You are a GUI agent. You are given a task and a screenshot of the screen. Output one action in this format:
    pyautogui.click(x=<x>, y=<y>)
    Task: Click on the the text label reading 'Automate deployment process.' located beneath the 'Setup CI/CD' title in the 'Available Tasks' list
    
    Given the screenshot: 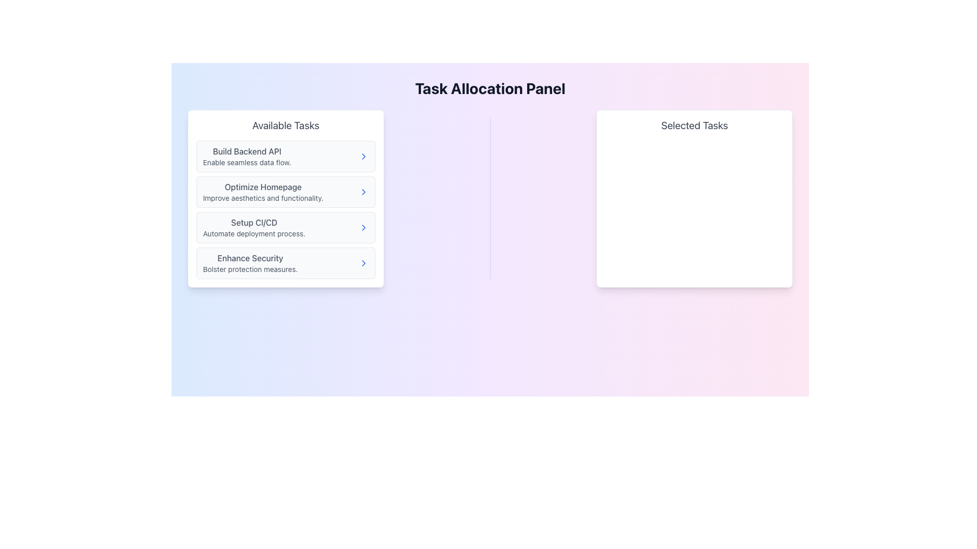 What is the action you would take?
    pyautogui.click(x=254, y=233)
    